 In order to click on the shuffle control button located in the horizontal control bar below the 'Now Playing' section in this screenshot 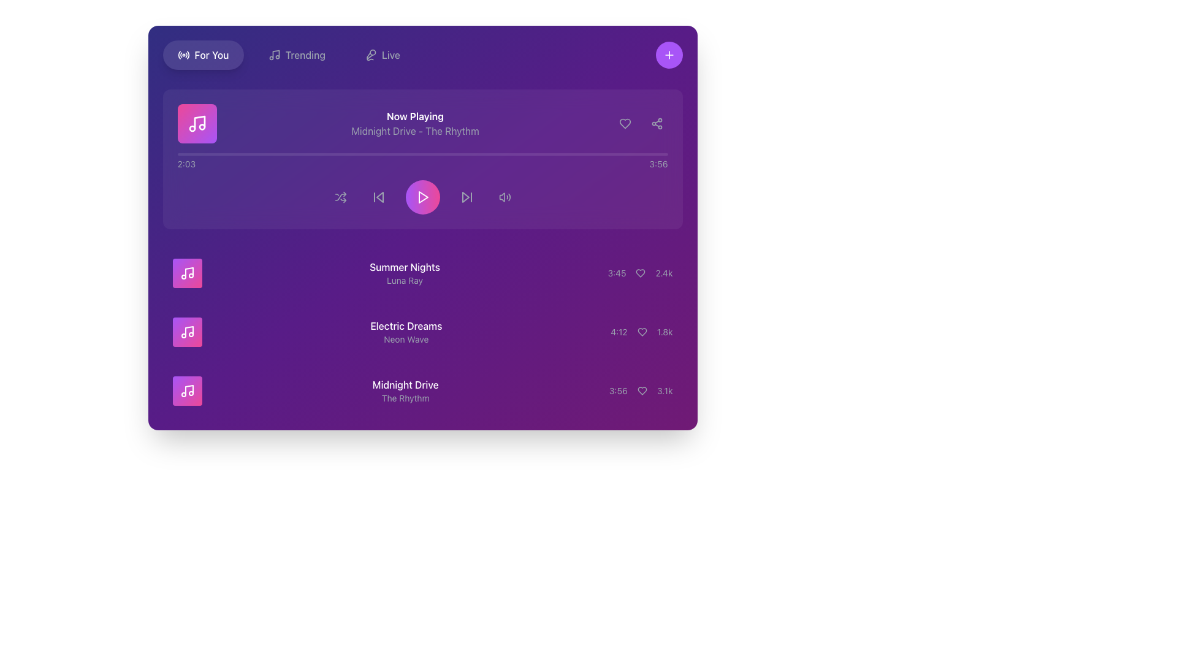, I will do `click(340, 196)`.